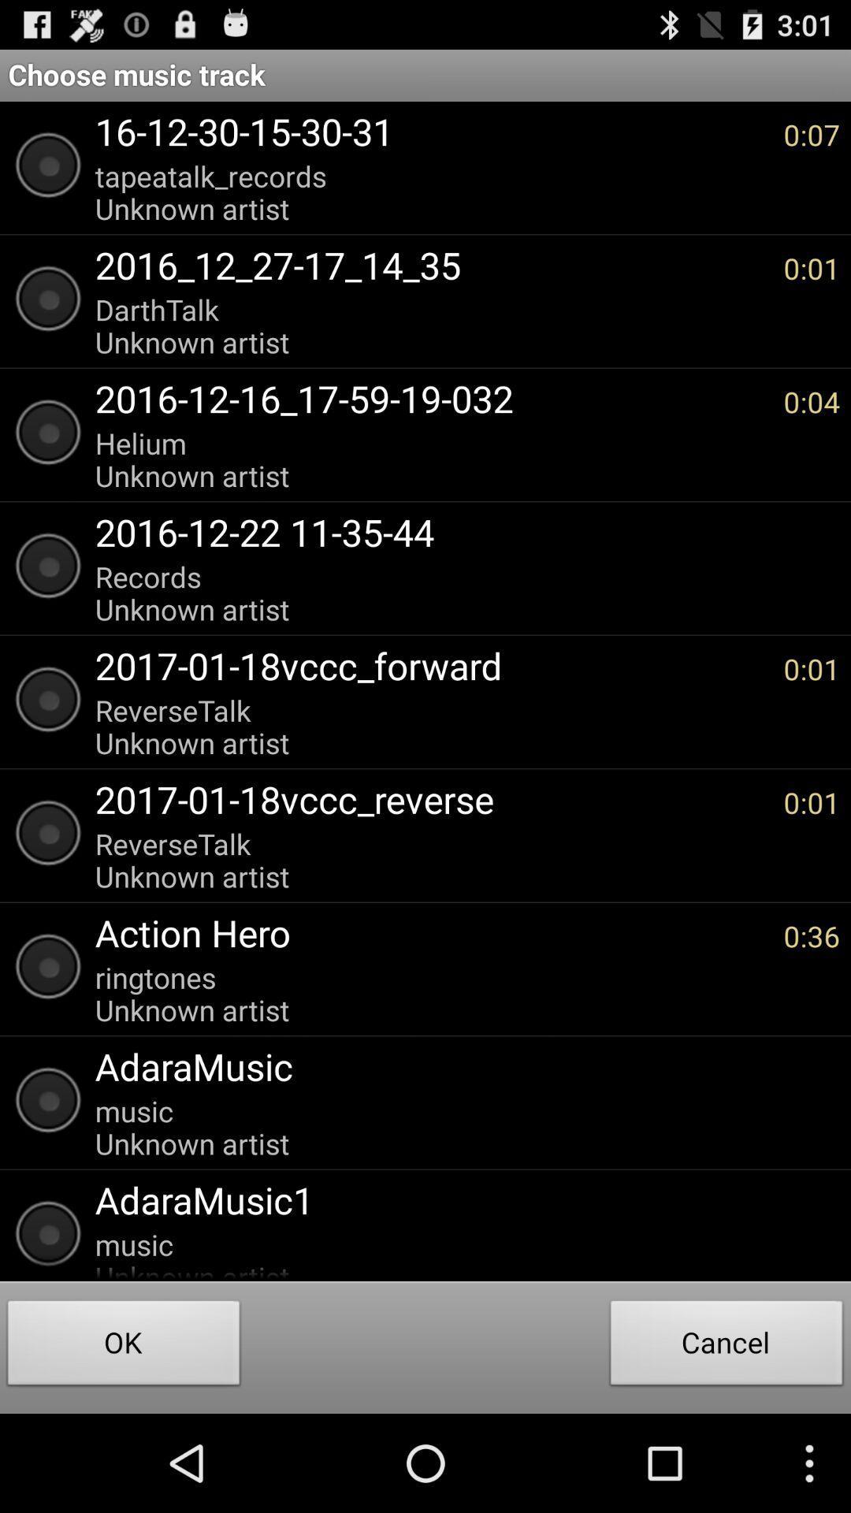 The image size is (851, 1513). Describe the element at coordinates (431, 932) in the screenshot. I see `the app next to the 0:36 item` at that location.